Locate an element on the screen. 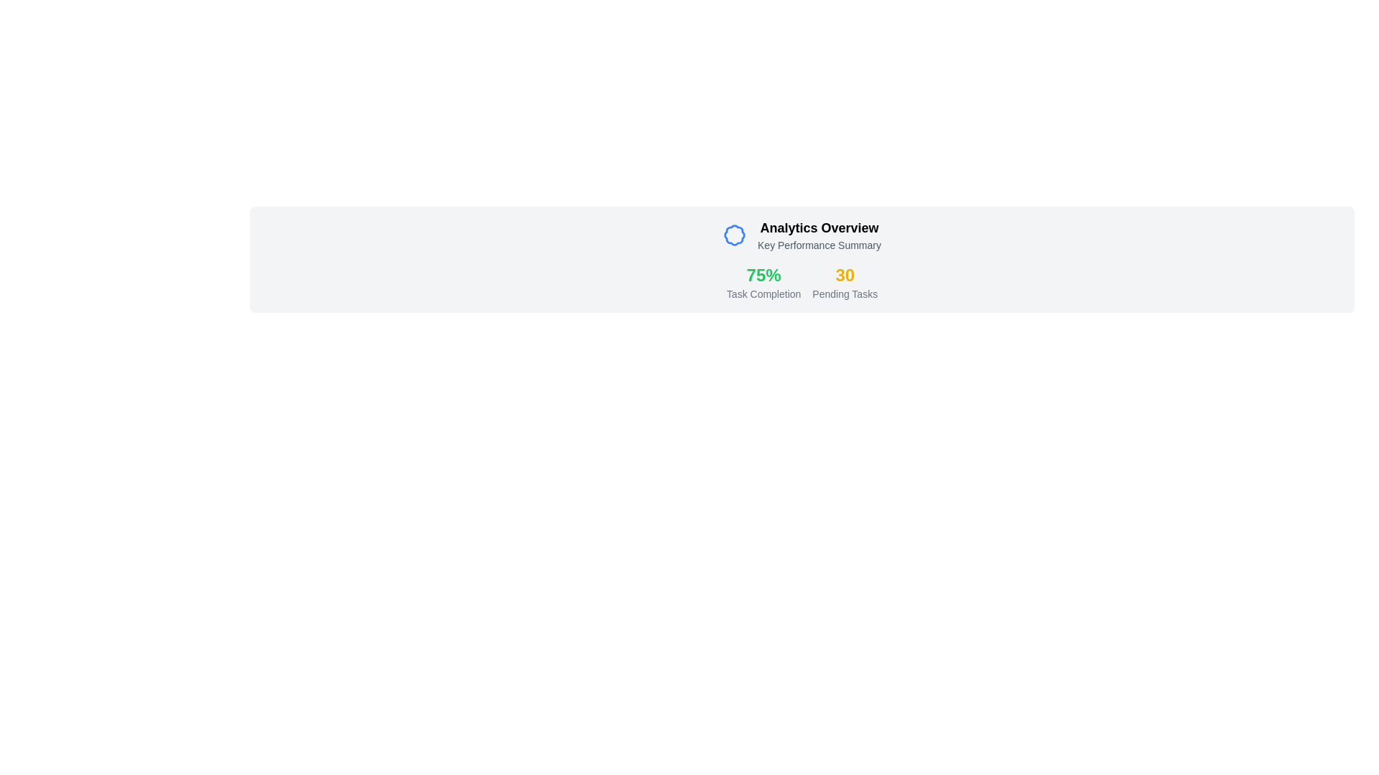 Image resolution: width=1379 pixels, height=775 pixels. the text label displaying '75%' in bold green font, indicating progress or completion, located at the center of the interface above 'Task Completion' is located at coordinates (763, 276).